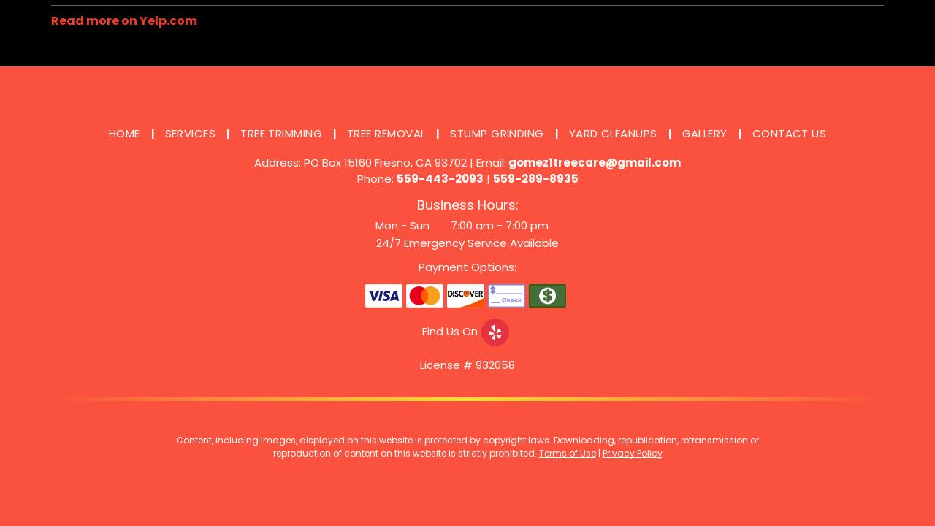  What do you see at coordinates (467, 364) in the screenshot?
I see `'License # 932058'` at bounding box center [467, 364].